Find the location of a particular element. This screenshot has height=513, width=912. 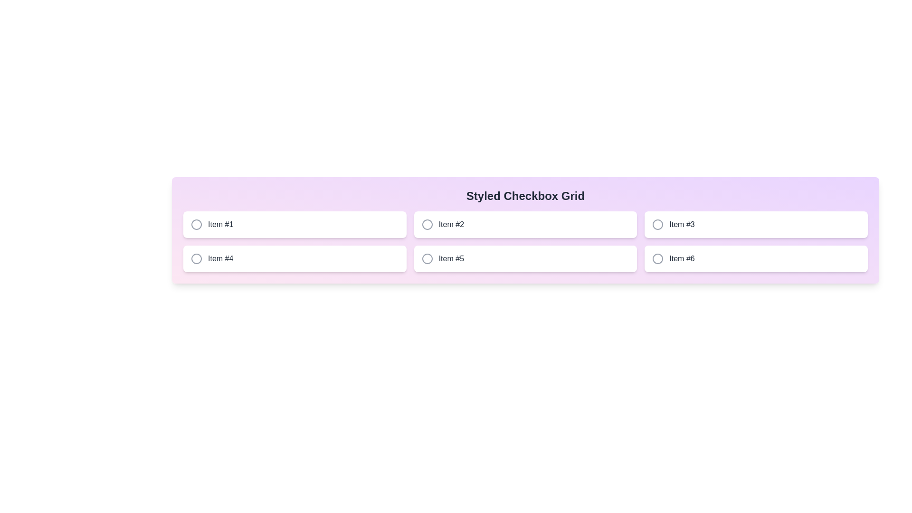

the button labeled Item #5 to observe style changes is located at coordinates (524, 258).